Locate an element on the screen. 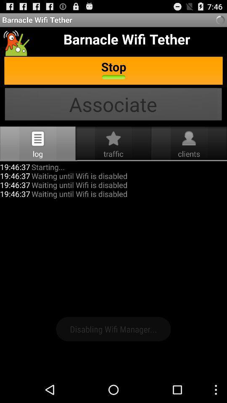 The height and width of the screenshot is (403, 227). the star icon which is just above the traffic is located at coordinates (113, 139).